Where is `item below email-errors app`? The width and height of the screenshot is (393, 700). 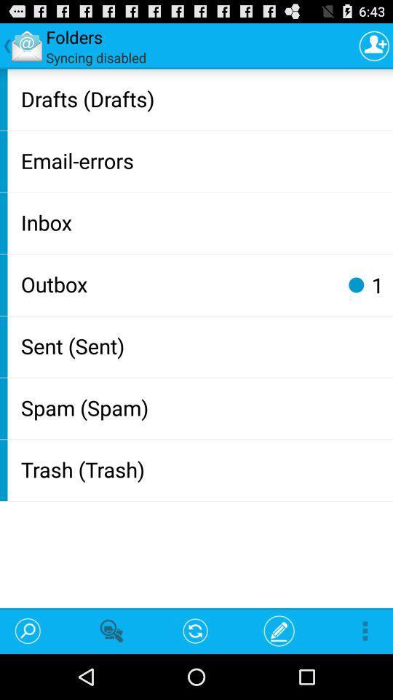
item below email-errors app is located at coordinates (203, 222).